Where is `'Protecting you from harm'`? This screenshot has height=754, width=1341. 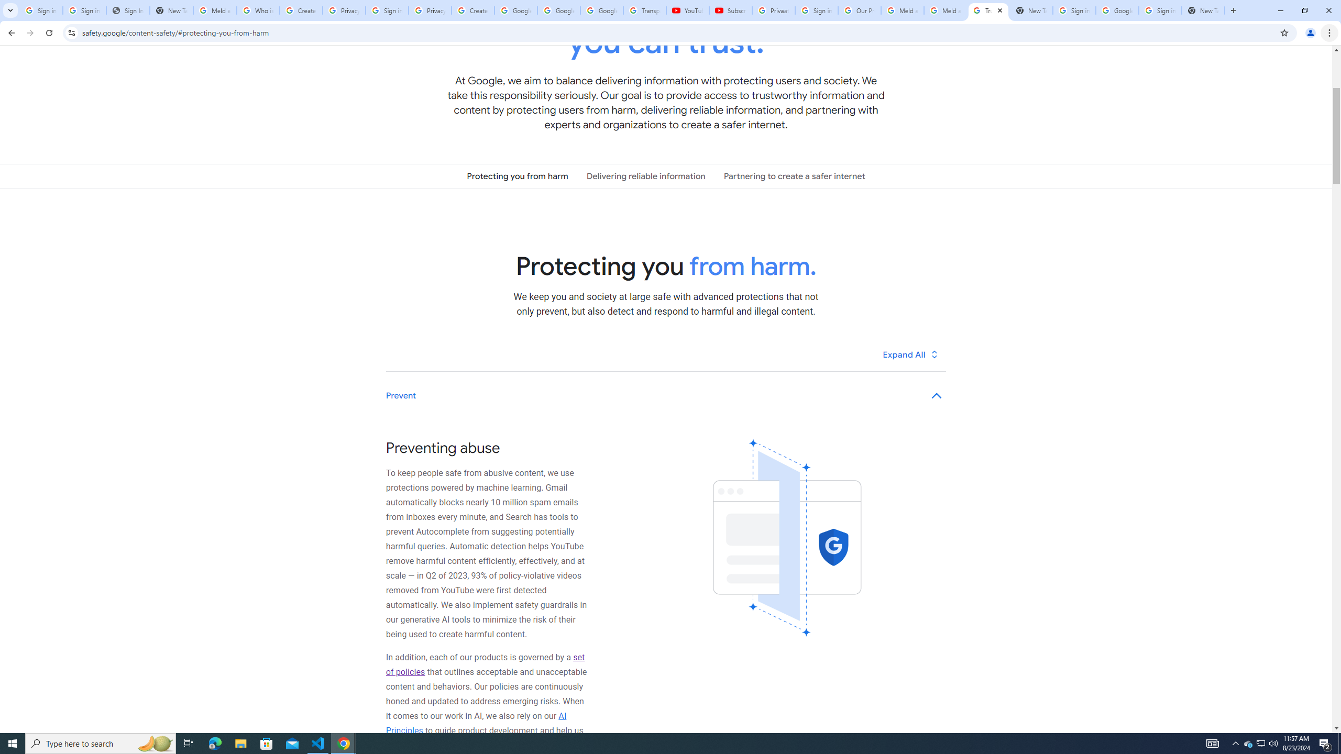
'Protecting you from harm' is located at coordinates (517, 176).